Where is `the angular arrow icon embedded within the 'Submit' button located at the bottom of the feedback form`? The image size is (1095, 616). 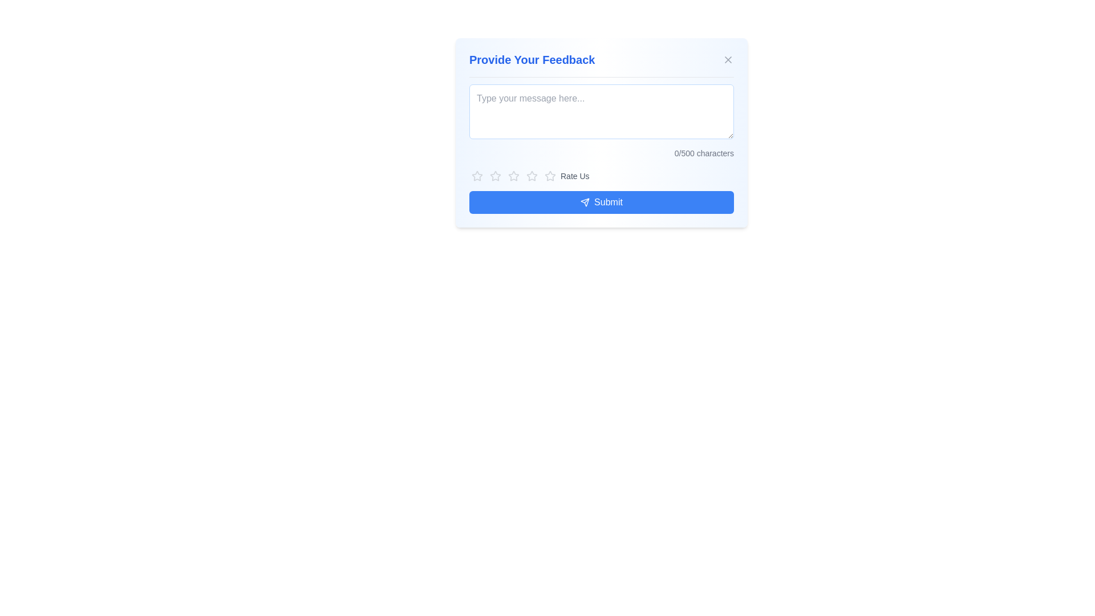
the angular arrow icon embedded within the 'Submit' button located at the bottom of the feedback form is located at coordinates (585, 201).